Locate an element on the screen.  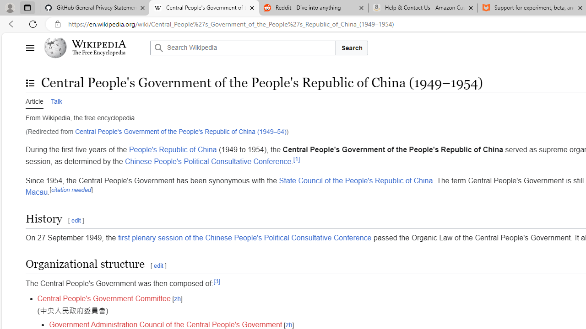
'The Free Encyclopedia' is located at coordinates (99, 53).